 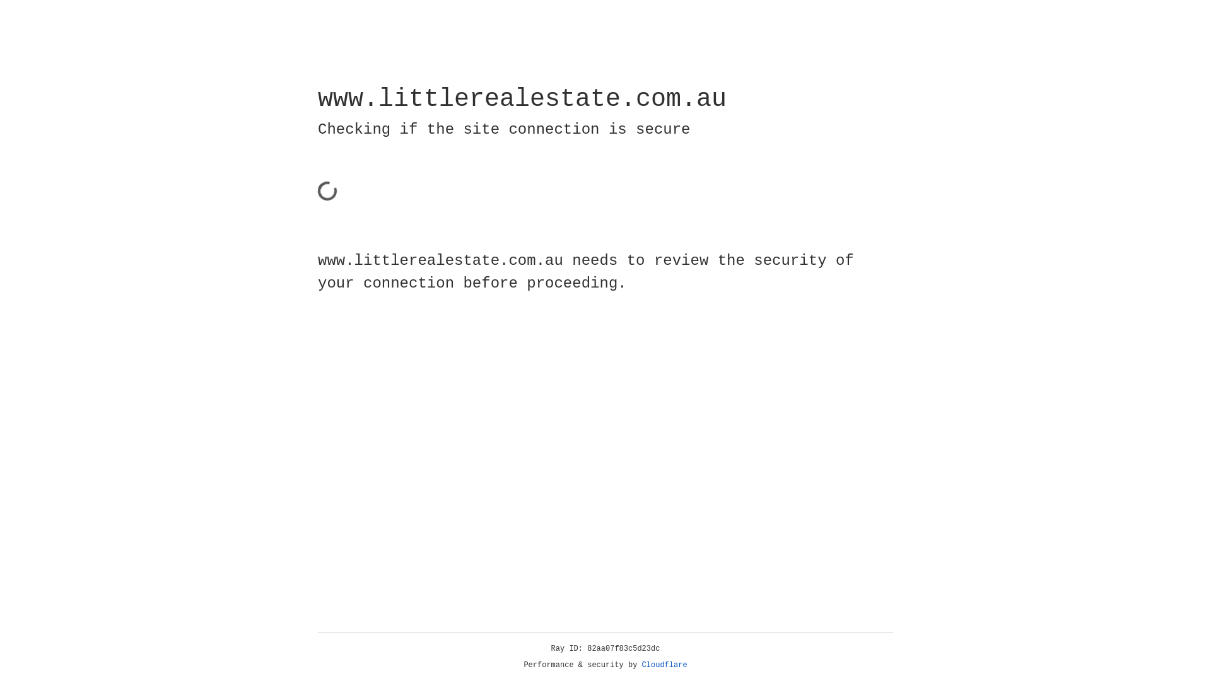 I want to click on 'Cloudflare', so click(x=664, y=665).